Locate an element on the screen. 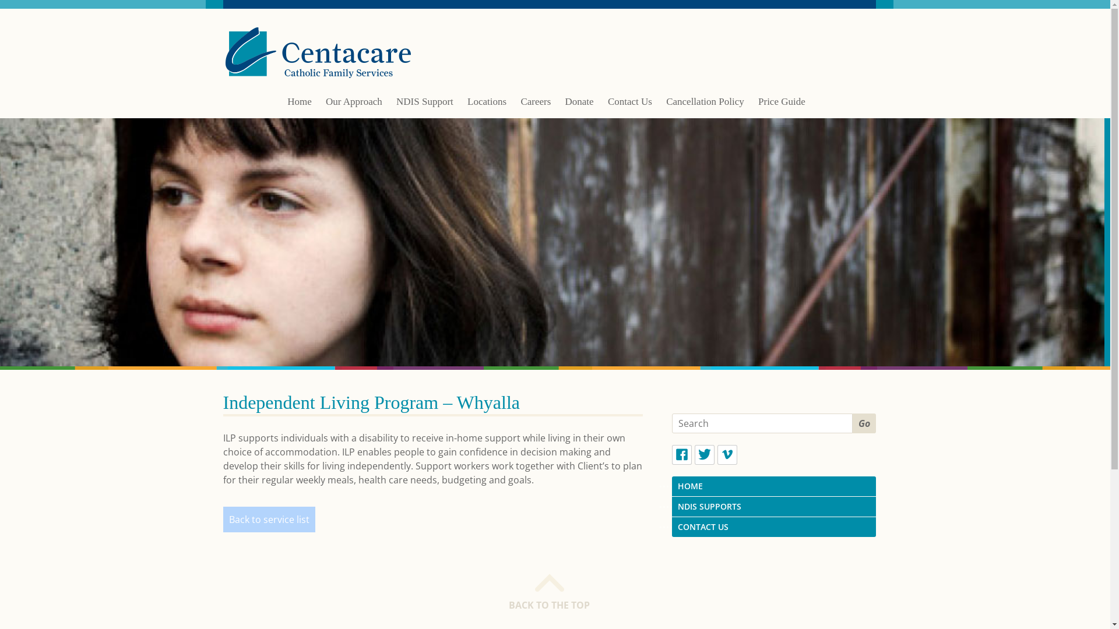 The width and height of the screenshot is (1119, 629). 'HOME' is located at coordinates (773, 486).